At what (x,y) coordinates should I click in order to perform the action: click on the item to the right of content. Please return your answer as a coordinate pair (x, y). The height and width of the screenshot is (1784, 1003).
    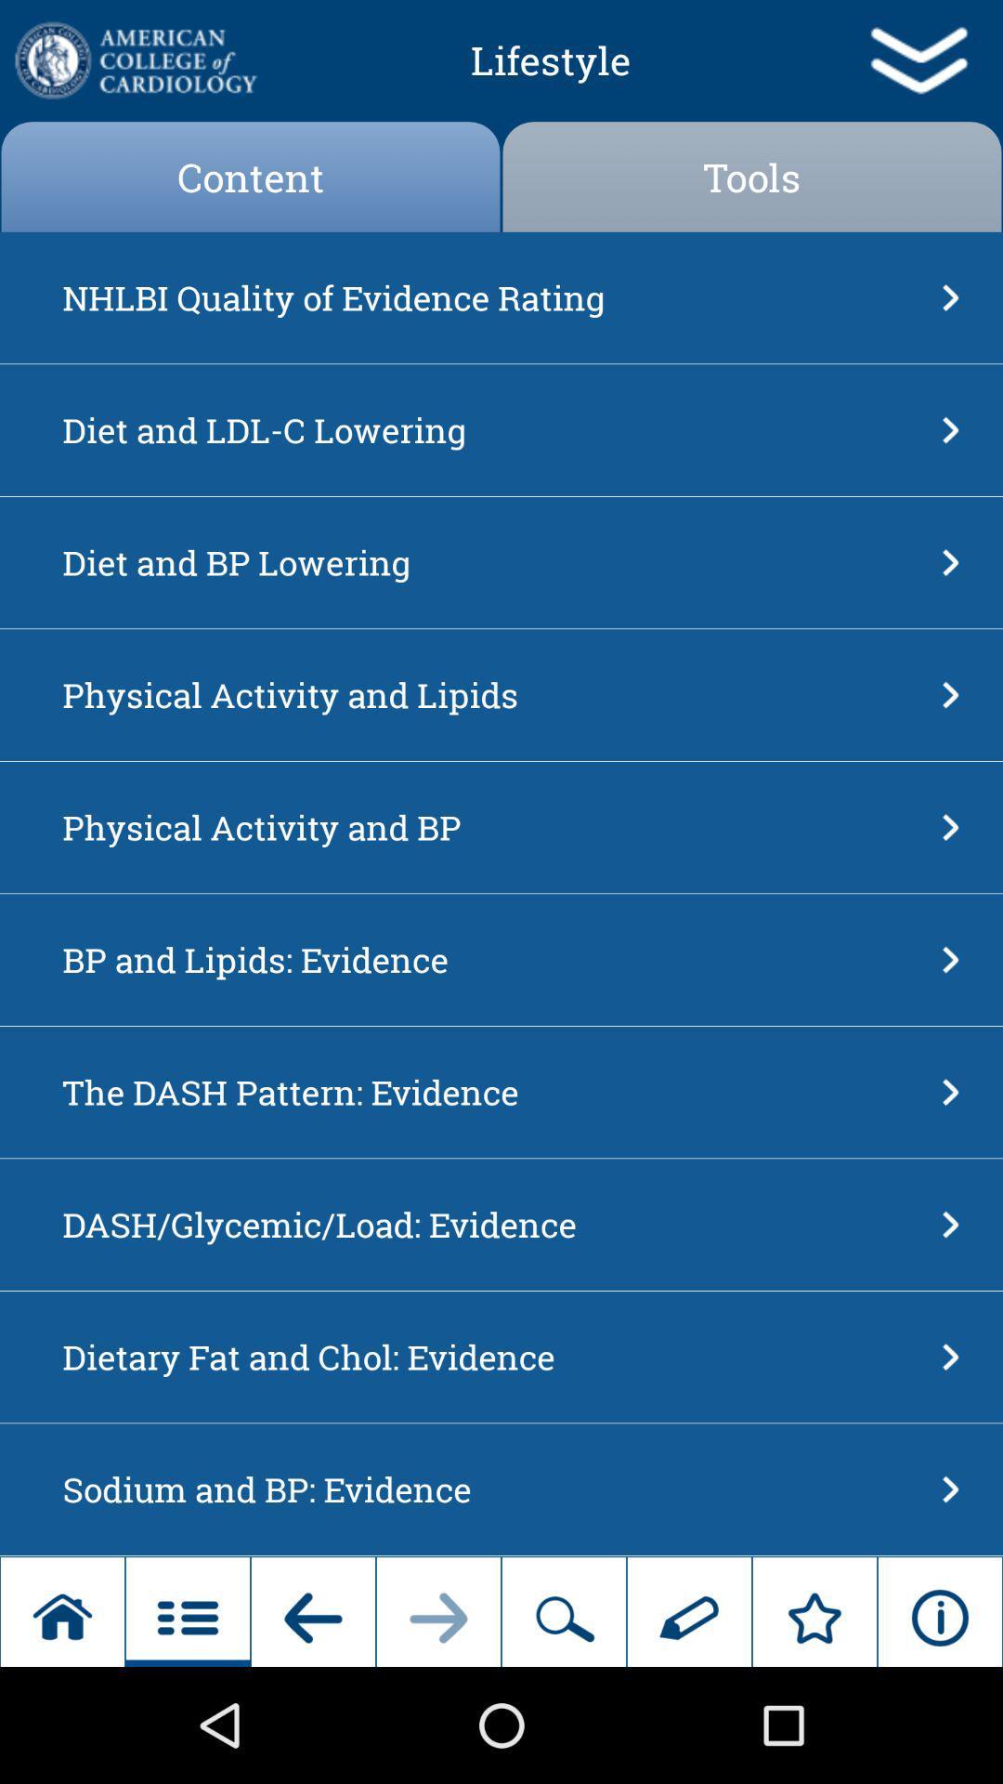
    Looking at the image, I should click on (752, 177).